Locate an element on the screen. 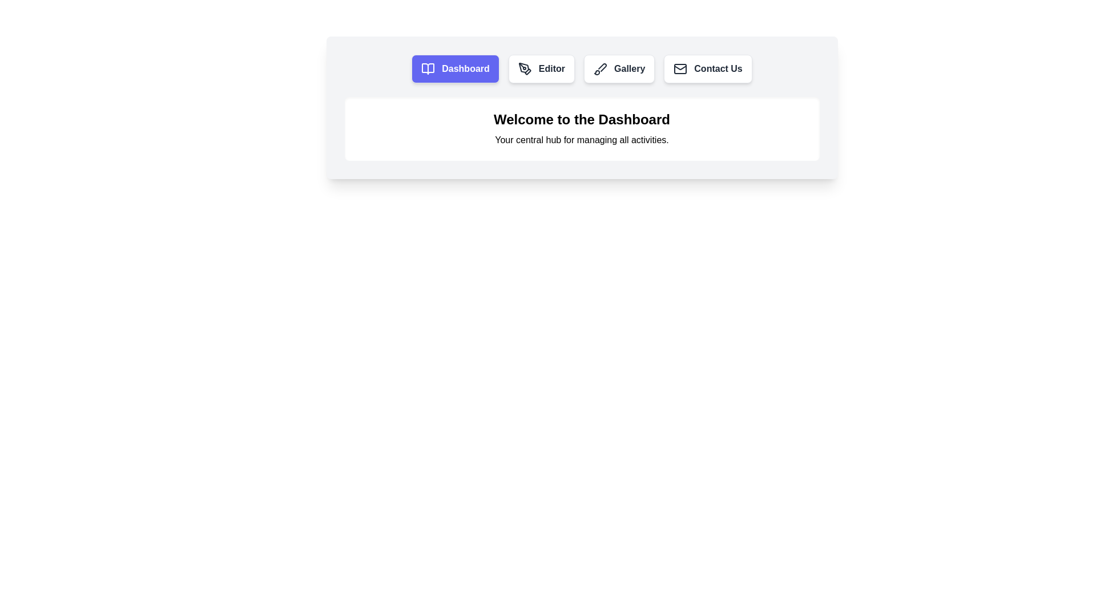 The width and height of the screenshot is (1096, 616). the mail envelope icon, which is part of the 'Contact Us' button, located to the left of the text label is located at coordinates (680, 68).